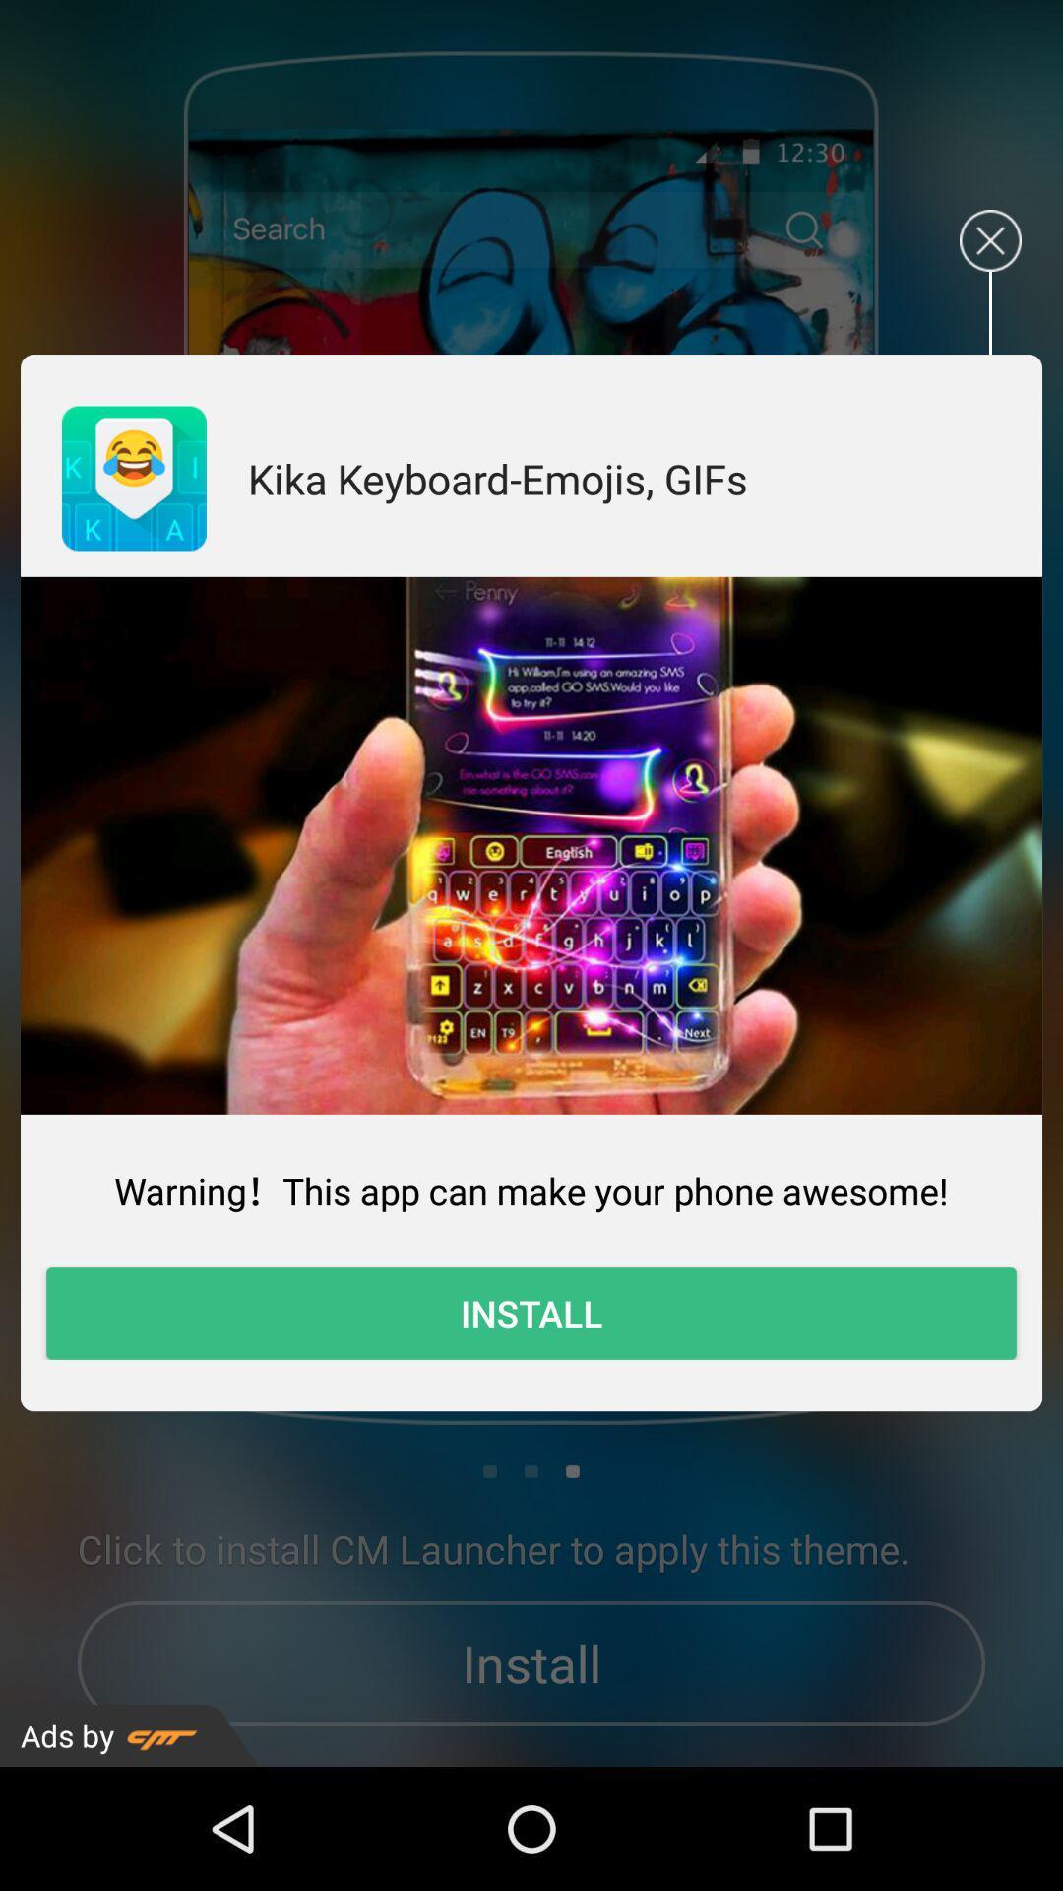 This screenshot has height=1891, width=1063. Describe the element at coordinates (531, 1313) in the screenshot. I see `the install` at that location.